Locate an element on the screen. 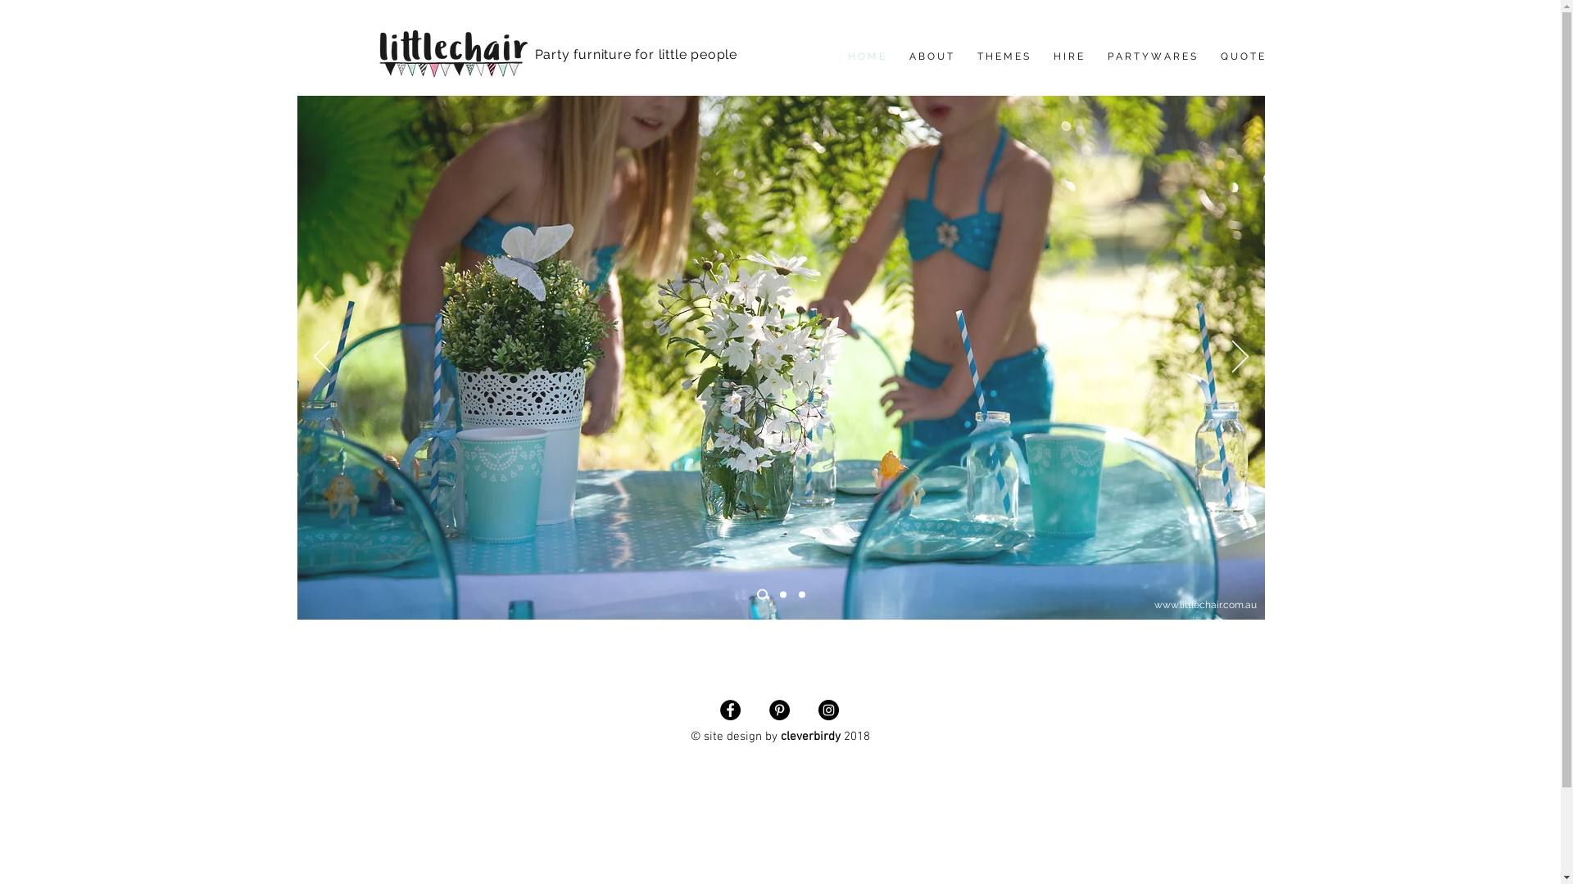 The image size is (1573, 884). 'www.littlechair.com.au' is located at coordinates (1152, 605).